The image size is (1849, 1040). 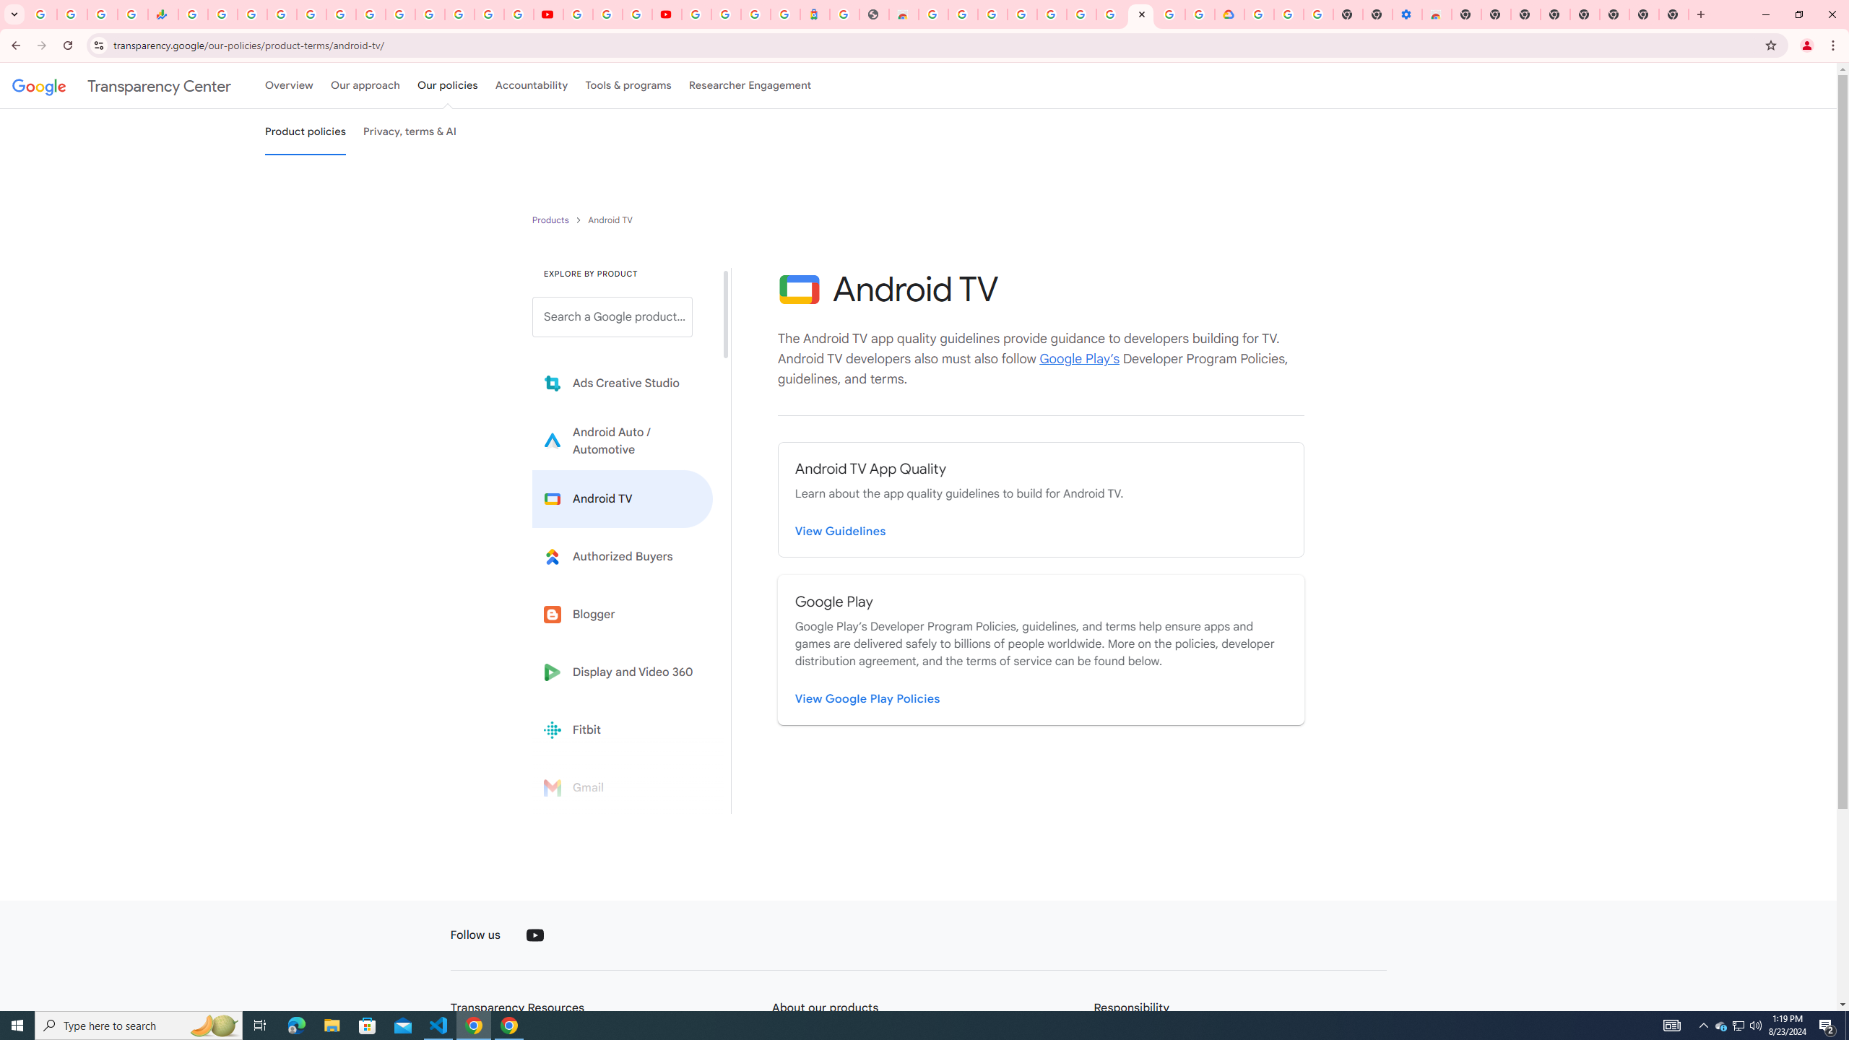 I want to click on 'Blogger', so click(x=622, y=614).